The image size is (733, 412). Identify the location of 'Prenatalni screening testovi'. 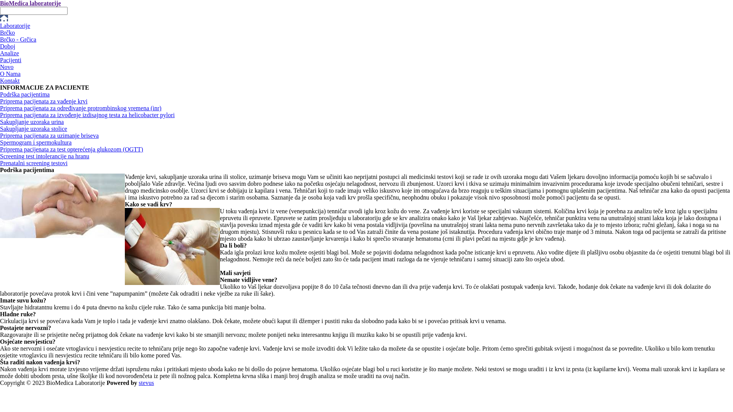
(33, 163).